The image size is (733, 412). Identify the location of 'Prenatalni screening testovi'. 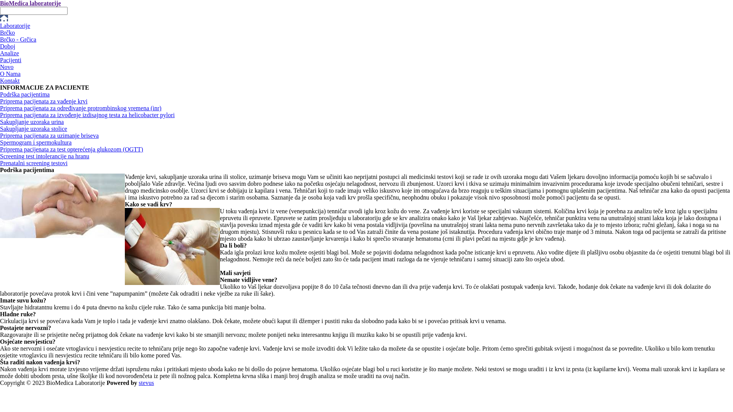
(33, 163).